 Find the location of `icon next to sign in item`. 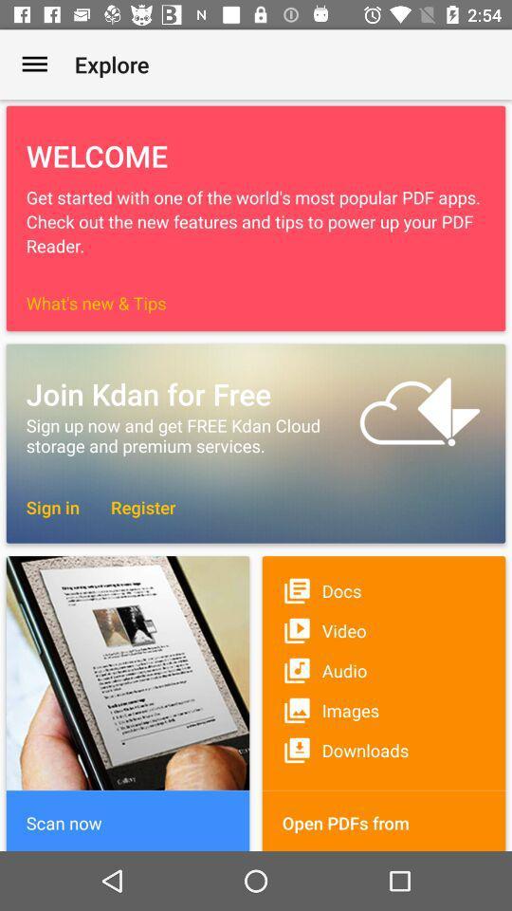

icon next to sign in item is located at coordinates (133, 506).